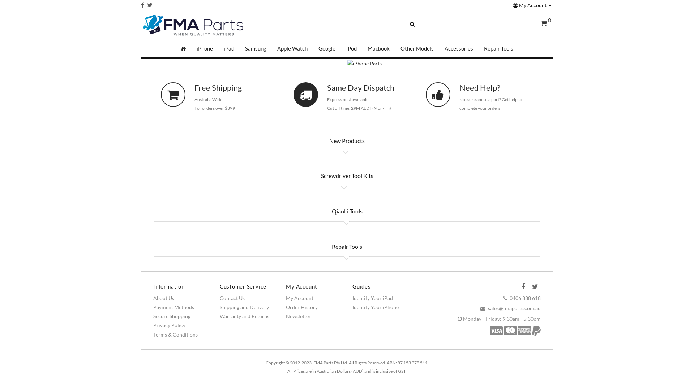 This screenshot has width=694, height=390. Describe the element at coordinates (204, 48) in the screenshot. I see `'iPhone'` at that location.